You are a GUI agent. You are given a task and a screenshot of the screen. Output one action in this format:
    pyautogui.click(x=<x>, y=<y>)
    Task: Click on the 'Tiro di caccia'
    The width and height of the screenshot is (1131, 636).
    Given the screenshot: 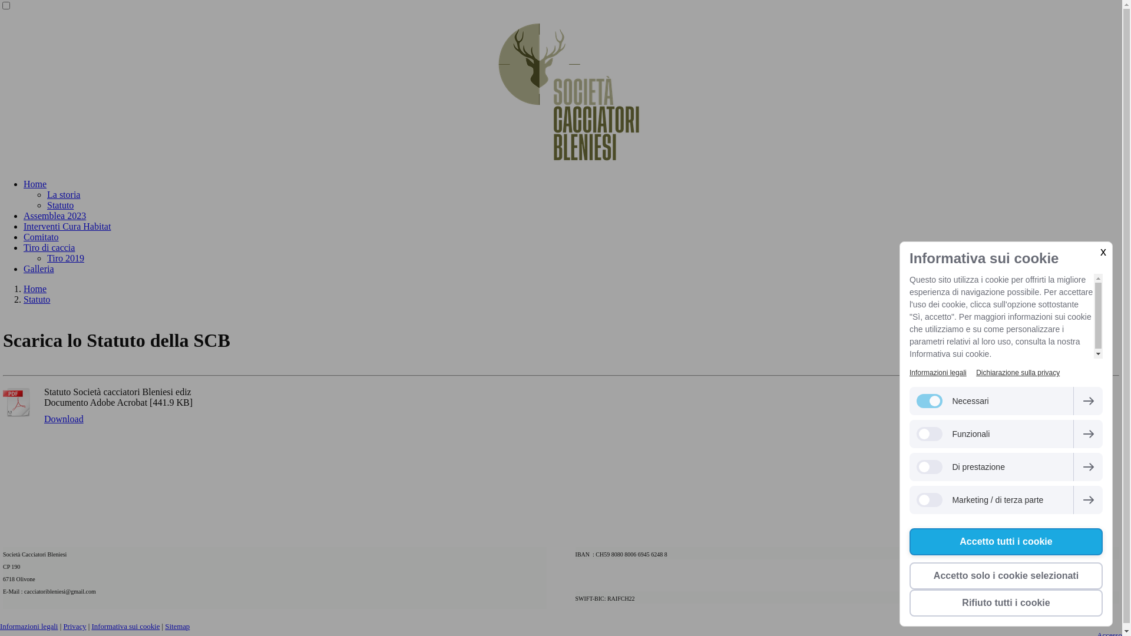 What is the action you would take?
    pyautogui.click(x=23, y=247)
    